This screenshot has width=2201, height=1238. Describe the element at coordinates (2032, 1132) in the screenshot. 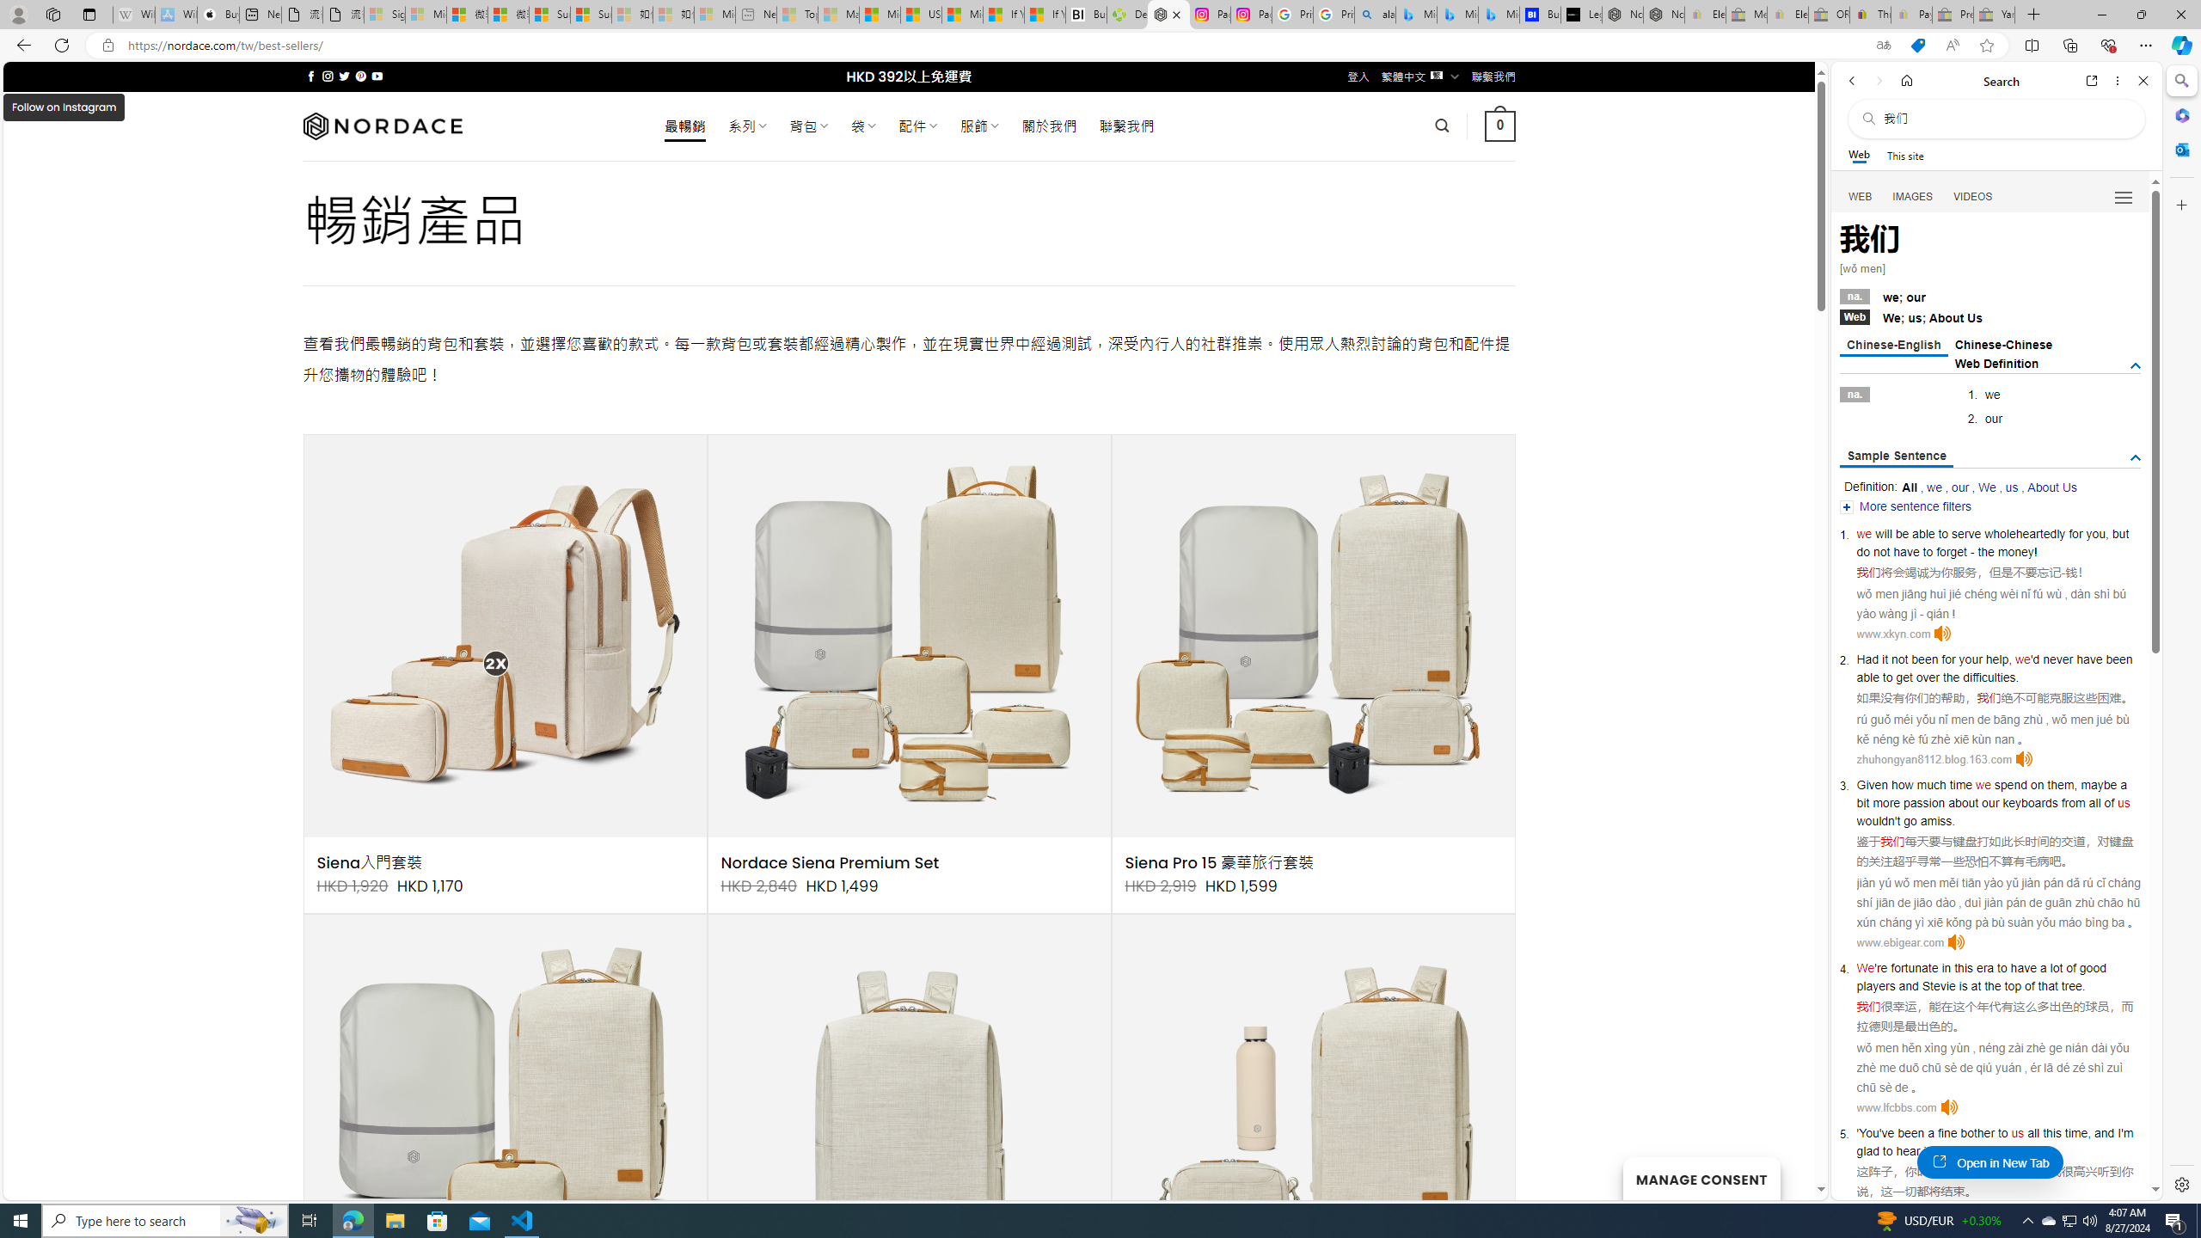

I see `'all'` at that location.